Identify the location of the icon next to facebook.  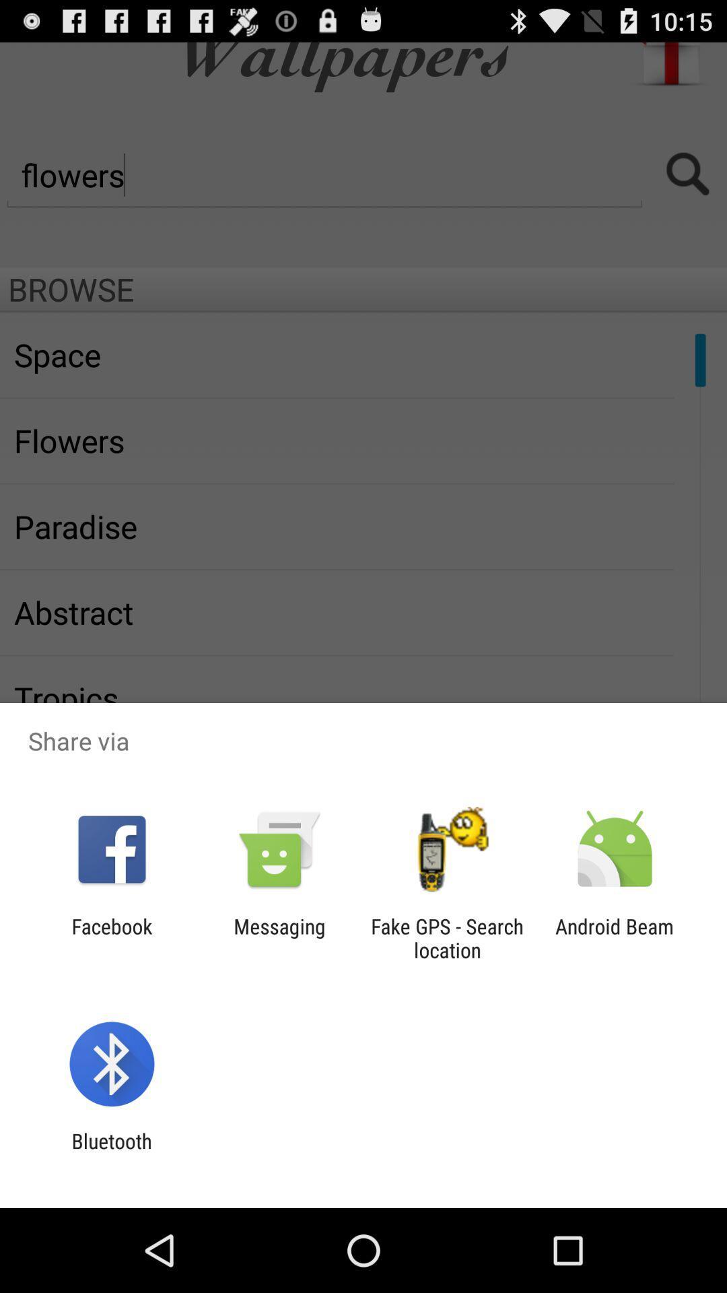
(279, 937).